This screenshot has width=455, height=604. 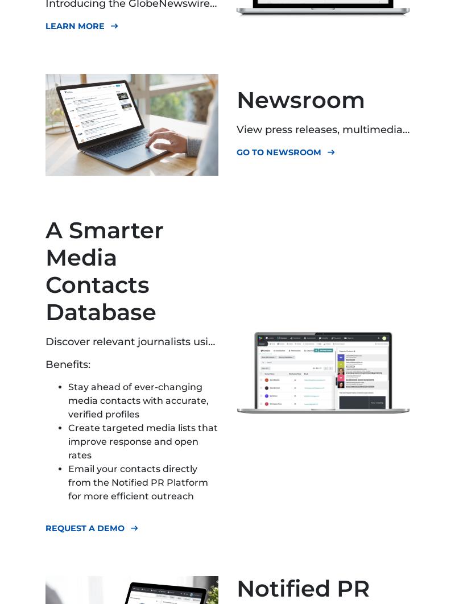 I want to click on 'A Smarter Media Contacts Database', so click(x=104, y=270).